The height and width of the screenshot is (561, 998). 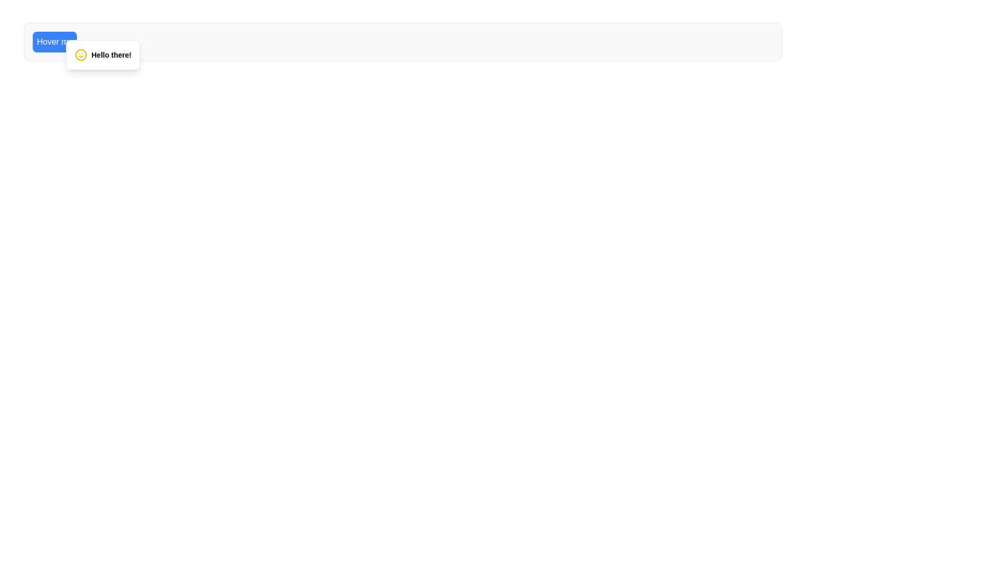 What do you see at coordinates (103, 55) in the screenshot?
I see `the tooltip or popup that contains a yellow smiling face icon and the text 'Hello there!' styled in bold, positioned to the right of the 'Hover me' button` at bounding box center [103, 55].